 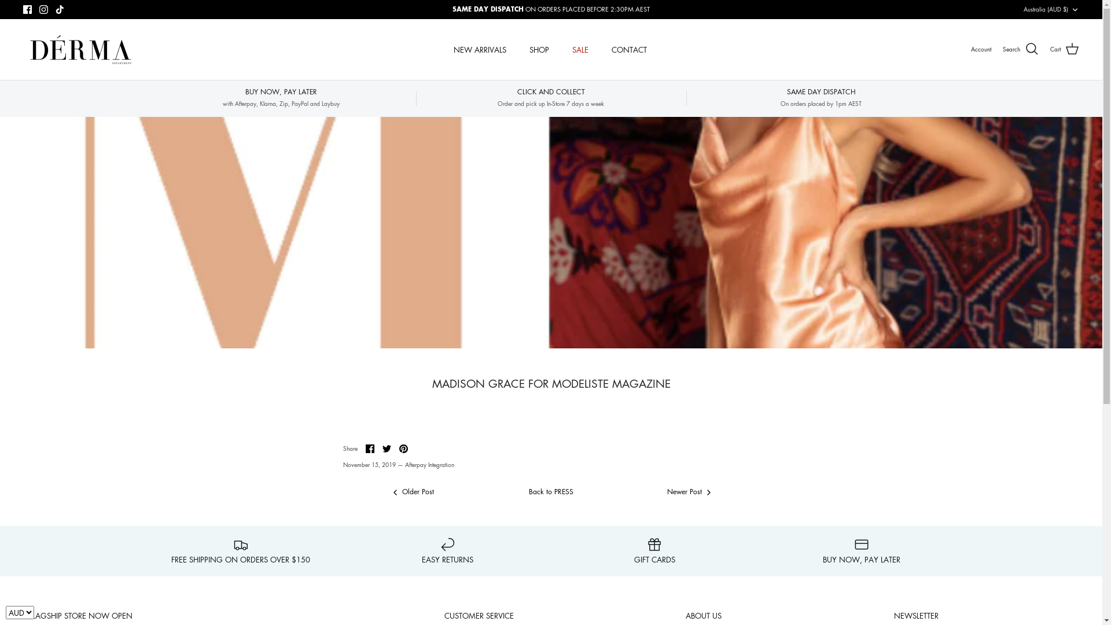 I want to click on 'Australia (AUD $), so click(x=1051, y=9).